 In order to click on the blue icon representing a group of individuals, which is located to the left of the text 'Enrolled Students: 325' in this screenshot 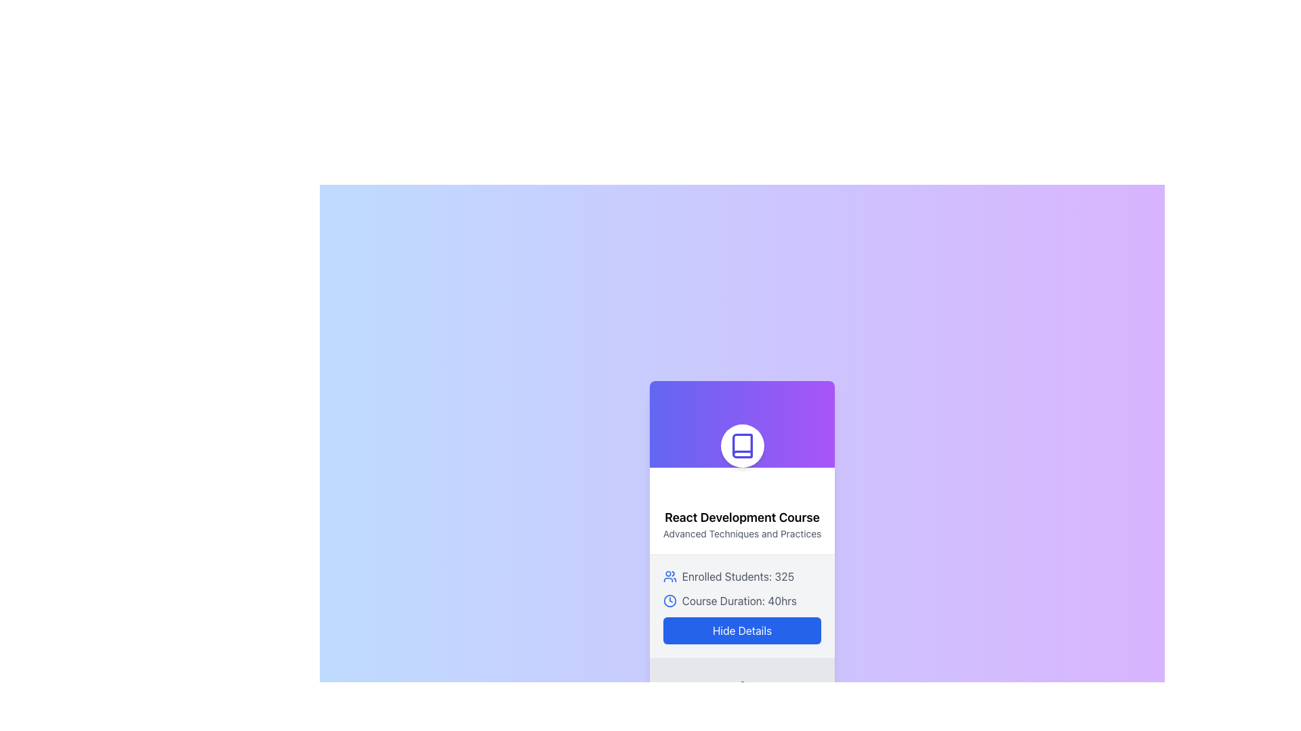, I will do `click(669, 577)`.